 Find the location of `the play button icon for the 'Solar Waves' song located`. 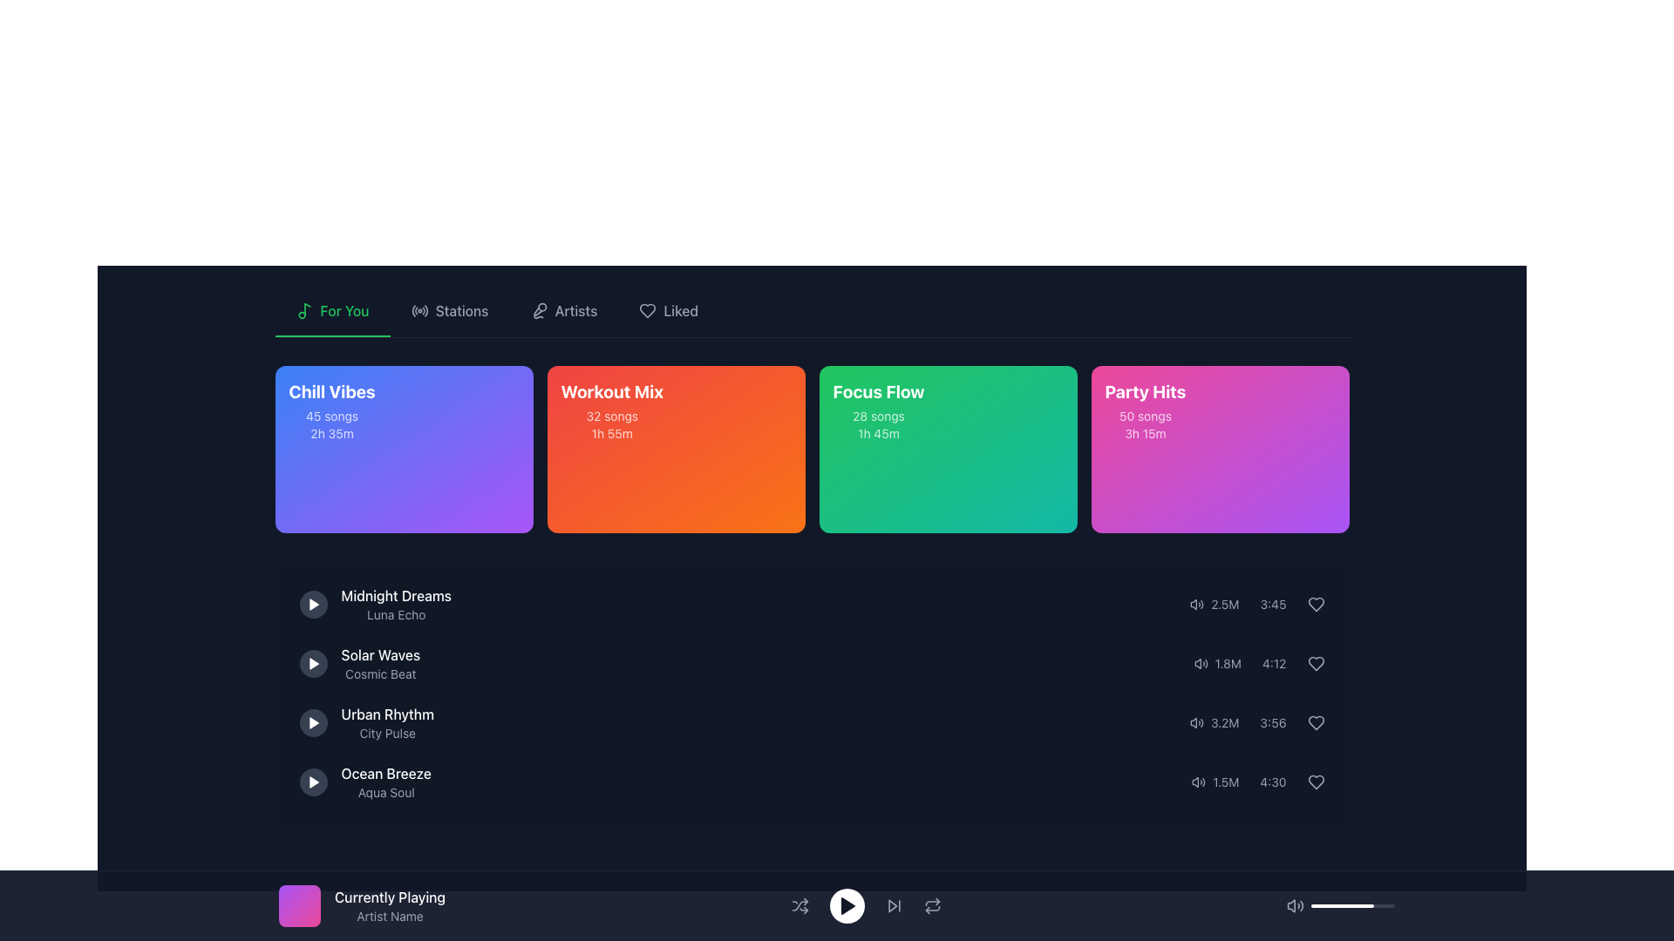

the play button icon for the 'Solar Waves' song located is located at coordinates (314, 664).